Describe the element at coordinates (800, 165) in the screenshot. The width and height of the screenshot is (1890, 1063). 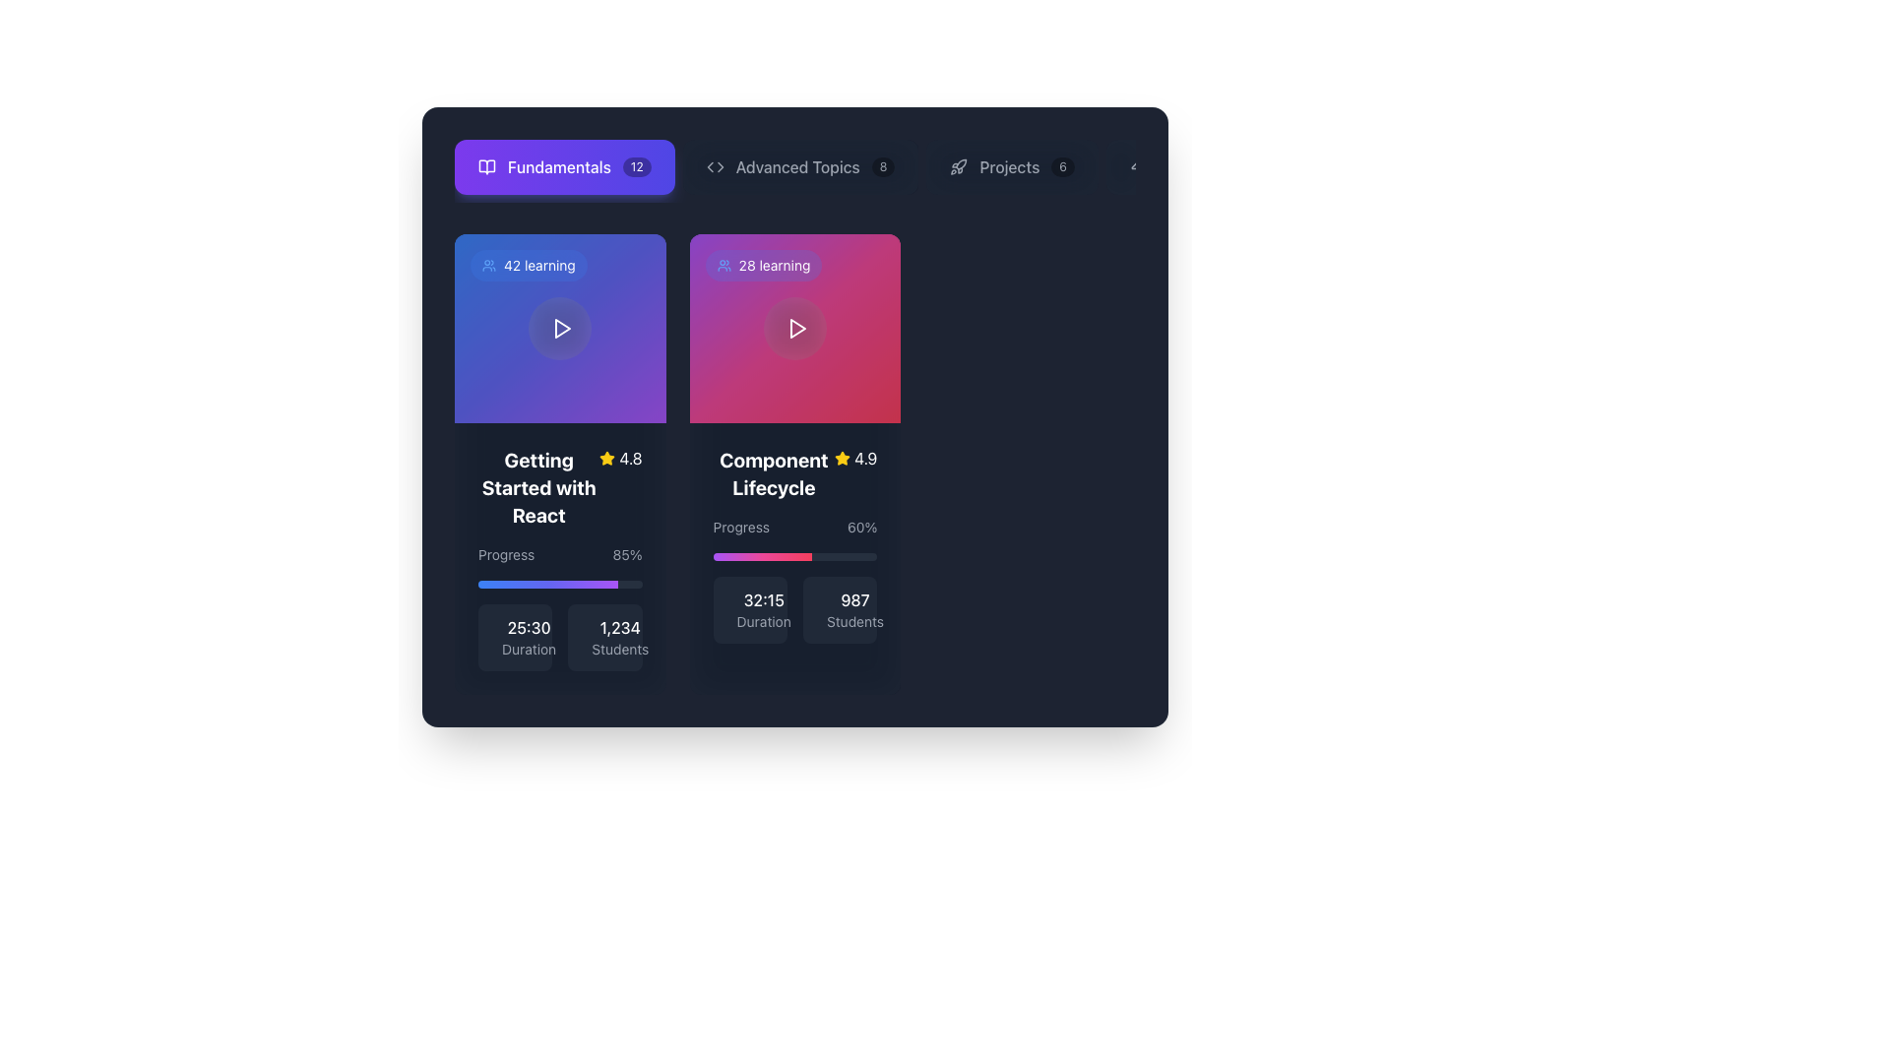
I see `the 'Advanced Topics' button, which has a numeric badge indicating '8'` at that location.